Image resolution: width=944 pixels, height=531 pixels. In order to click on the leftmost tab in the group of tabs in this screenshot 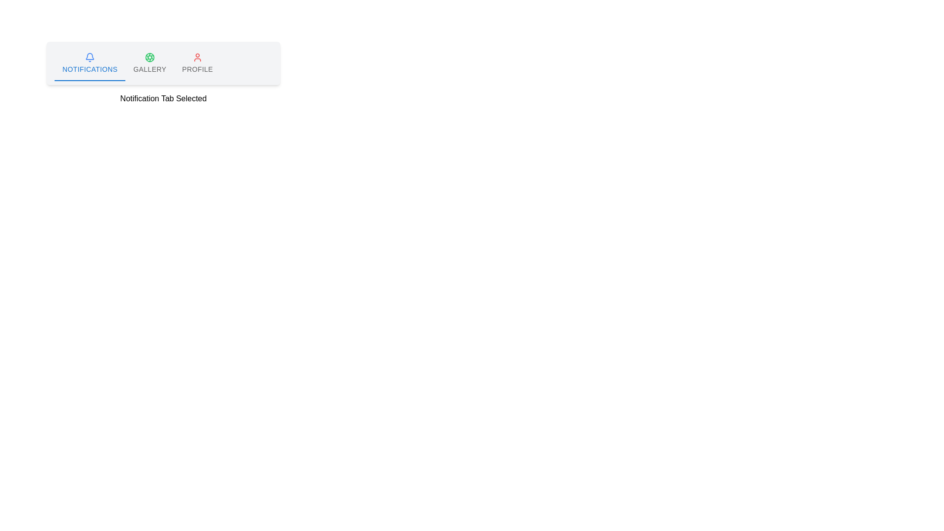, I will do `click(163, 63)`.